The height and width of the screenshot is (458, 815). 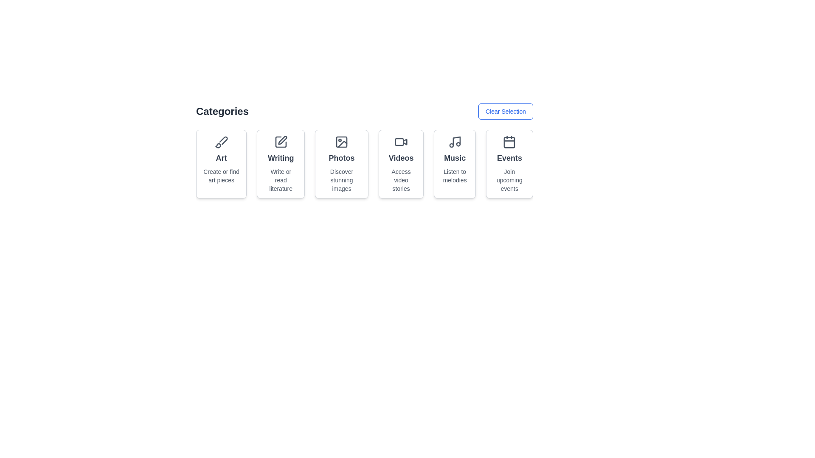 I want to click on text label located centrally beneath the icon in the fourth card of the 'Categories' section, which indicates its content or functionality related to videos, so click(x=401, y=158).